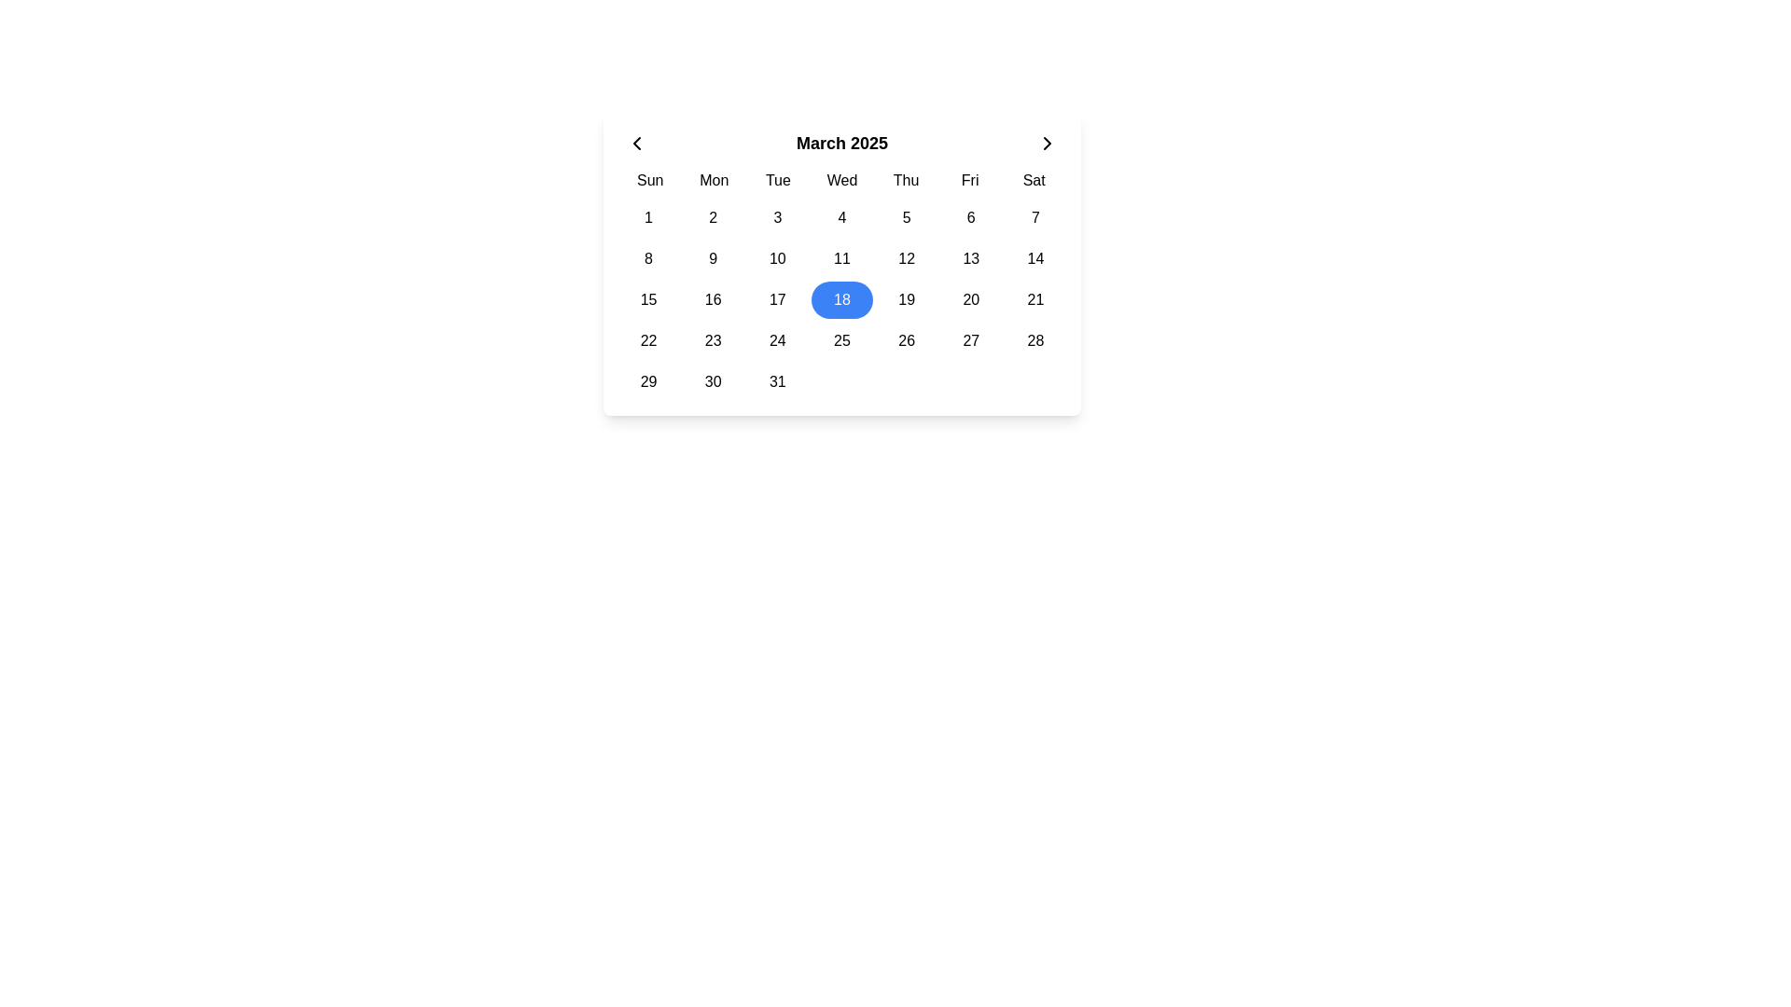 This screenshot has height=1007, width=1791. What do you see at coordinates (777, 380) in the screenshot?
I see `the calendar date button representing the date '31'` at bounding box center [777, 380].